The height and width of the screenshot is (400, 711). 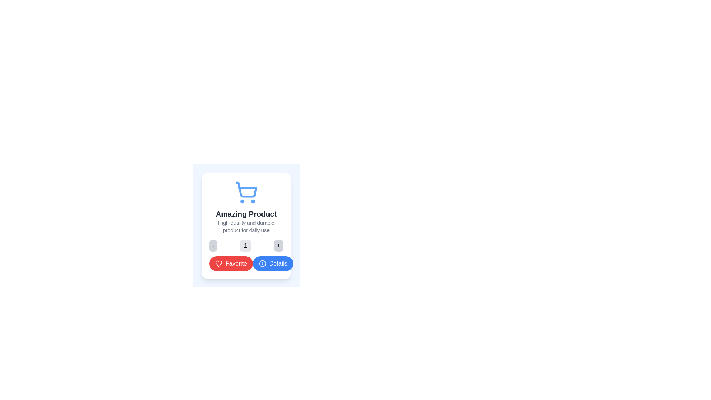 What do you see at coordinates (278, 246) in the screenshot?
I see `the increment button located to the right of the numeric display labeled '1'` at bounding box center [278, 246].